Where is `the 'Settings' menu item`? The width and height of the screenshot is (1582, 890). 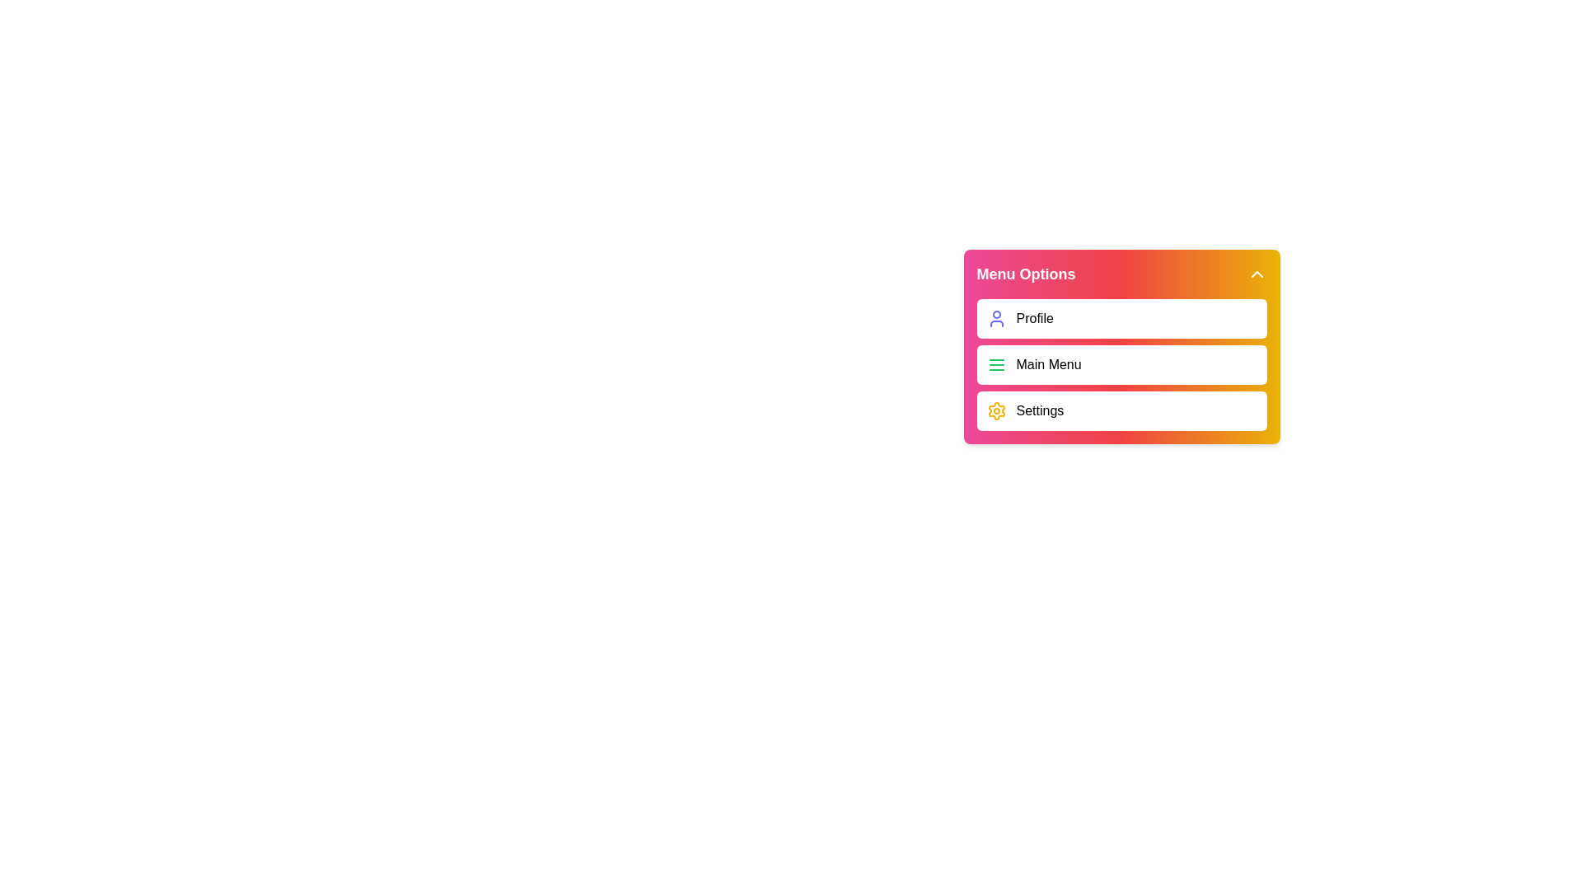 the 'Settings' menu item is located at coordinates (1121, 410).